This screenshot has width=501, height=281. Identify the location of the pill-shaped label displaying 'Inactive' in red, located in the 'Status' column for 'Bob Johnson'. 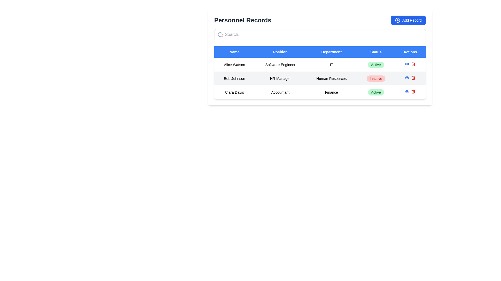
(376, 78).